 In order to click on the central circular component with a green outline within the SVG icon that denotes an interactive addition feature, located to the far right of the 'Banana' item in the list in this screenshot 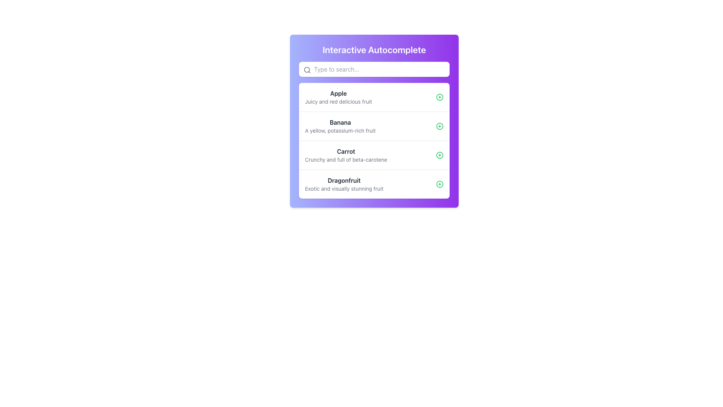, I will do `click(439, 184)`.